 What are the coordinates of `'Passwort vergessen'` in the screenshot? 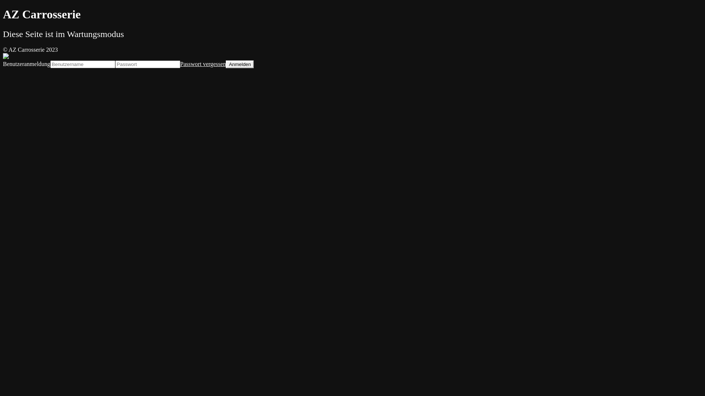 It's located at (203, 63).